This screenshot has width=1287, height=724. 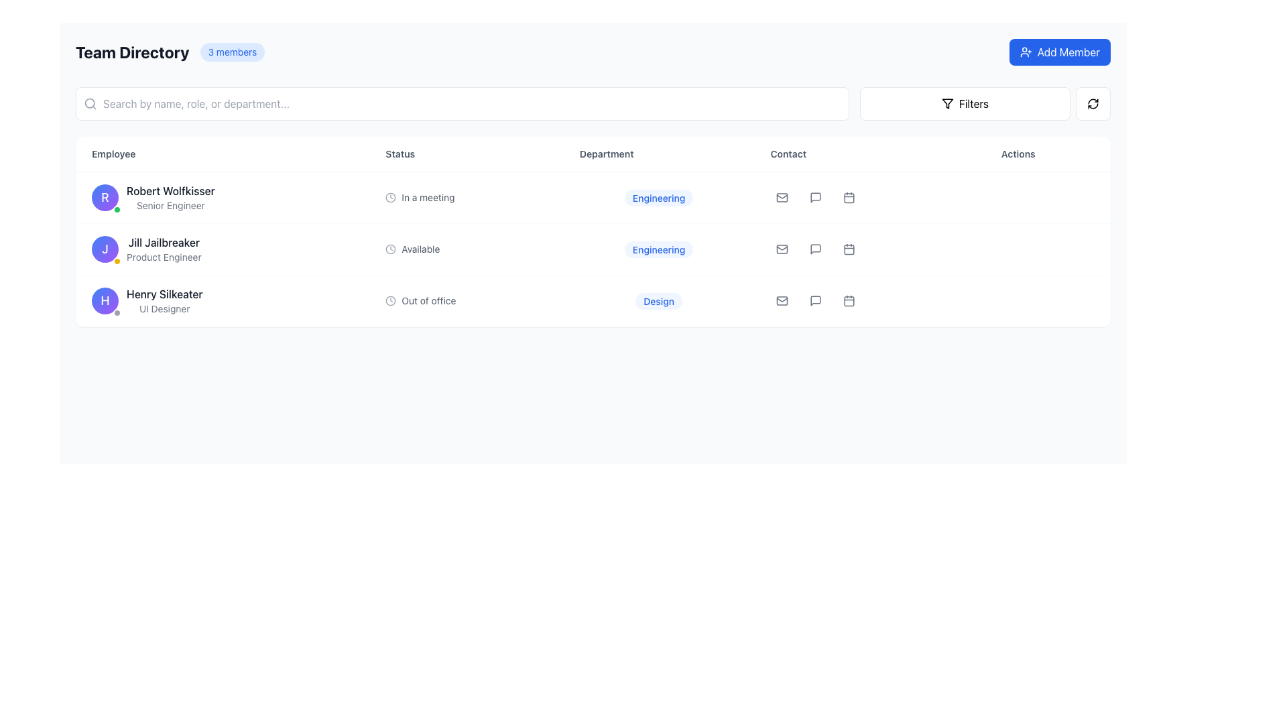 I want to click on the 'Engineering' department label for user 'Jill Jailbreaker' located in the second row of the table interface, so click(x=659, y=249).